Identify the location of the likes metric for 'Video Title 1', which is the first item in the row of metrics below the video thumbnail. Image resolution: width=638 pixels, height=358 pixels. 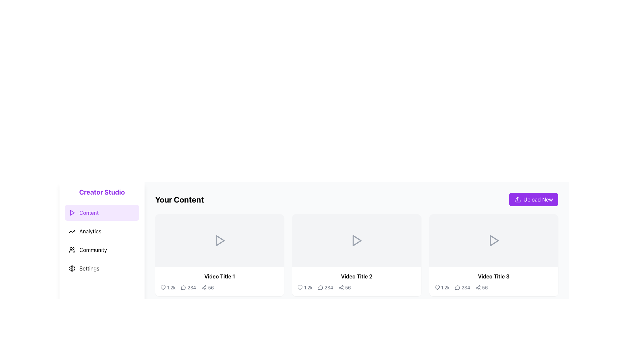
(168, 287).